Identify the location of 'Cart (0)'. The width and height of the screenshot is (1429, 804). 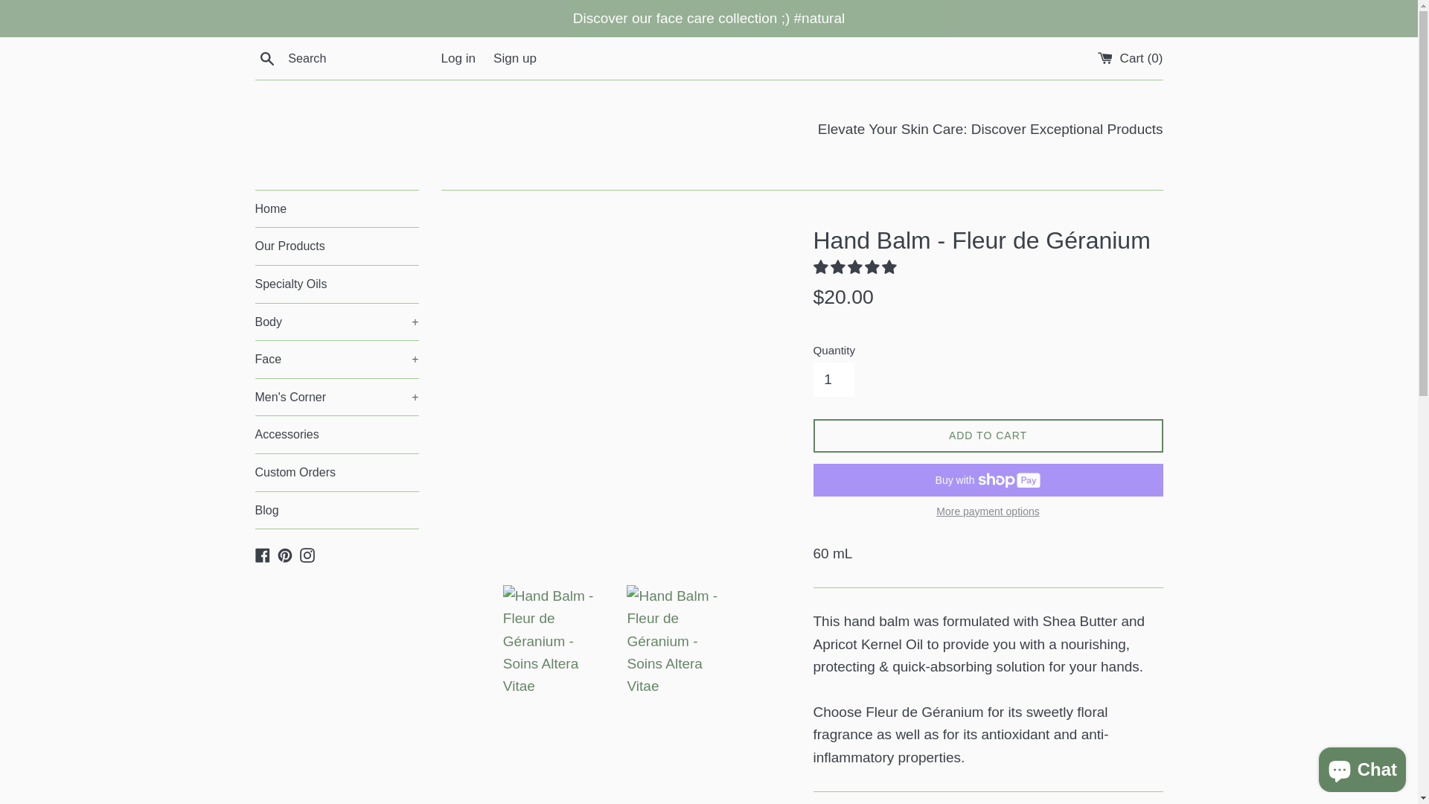
(1130, 57).